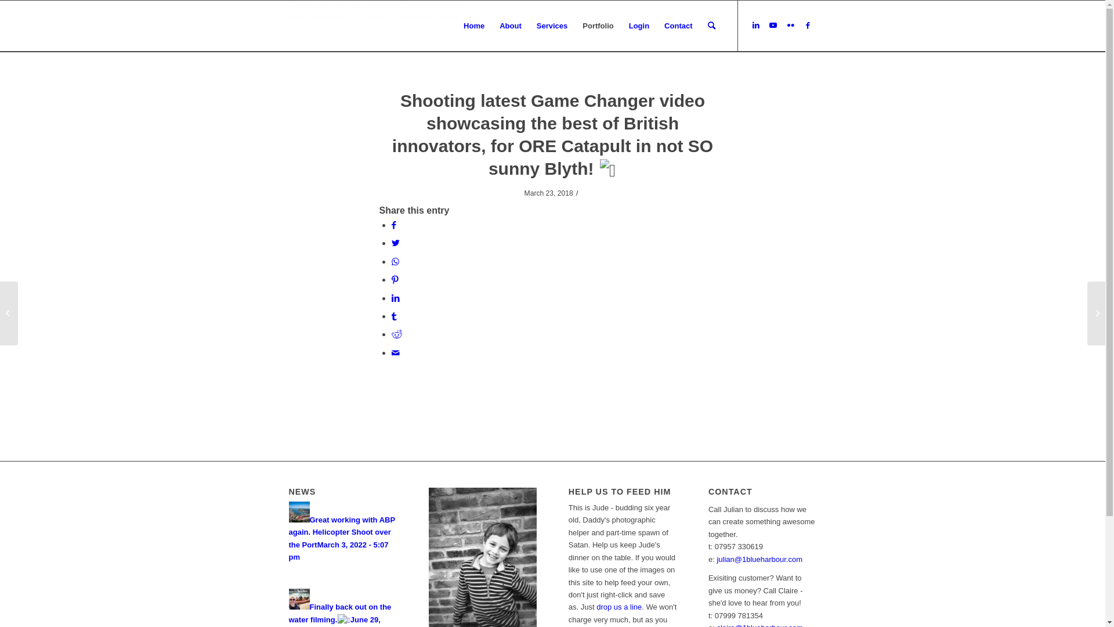 The height and width of the screenshot is (627, 1114). I want to click on 'Home', so click(473, 26).